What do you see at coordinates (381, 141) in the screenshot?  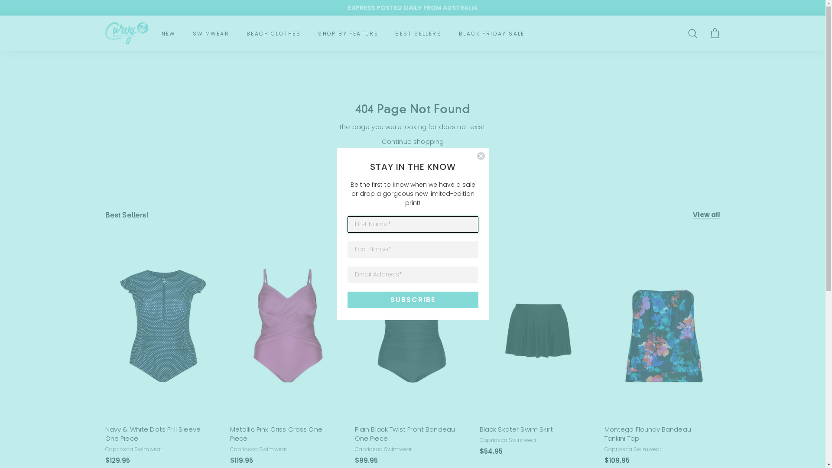 I see `'Continue shopping'` at bounding box center [381, 141].